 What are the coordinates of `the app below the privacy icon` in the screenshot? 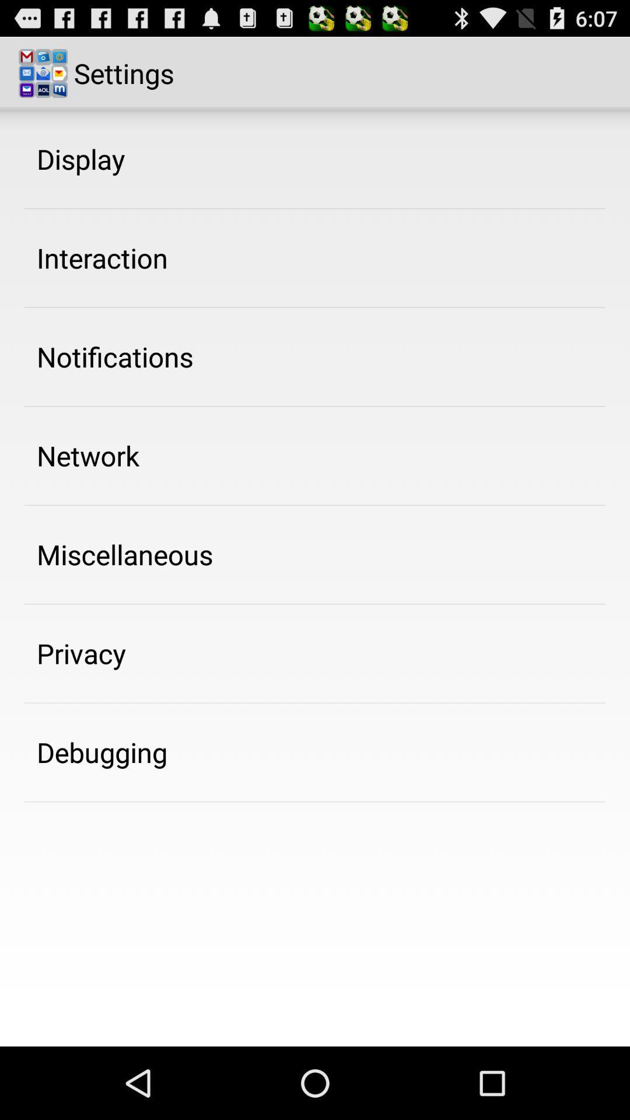 It's located at (101, 752).